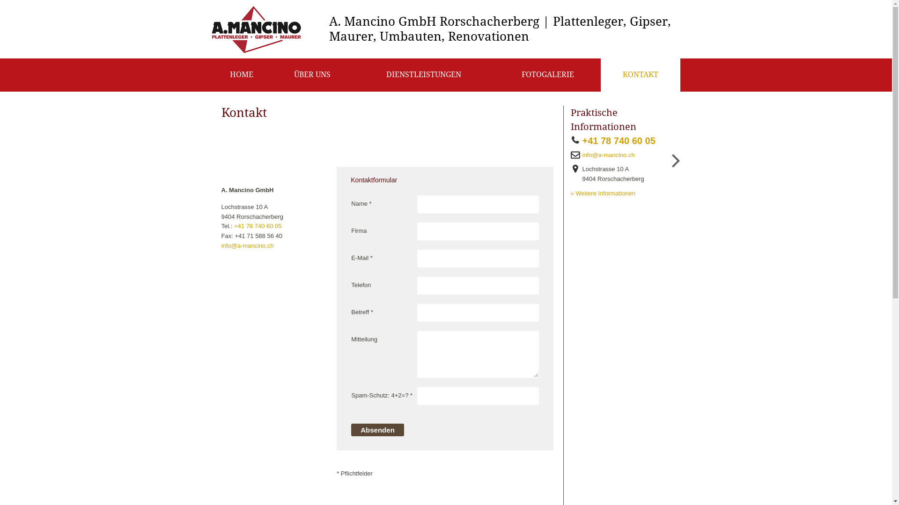 The width and height of the screenshot is (899, 505). What do you see at coordinates (258, 226) in the screenshot?
I see `'+41 78 740 60 05'` at bounding box center [258, 226].